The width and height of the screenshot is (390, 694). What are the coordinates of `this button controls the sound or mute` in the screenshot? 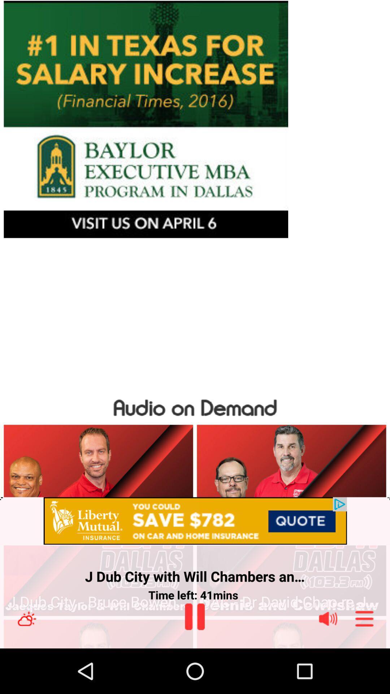 It's located at (328, 618).